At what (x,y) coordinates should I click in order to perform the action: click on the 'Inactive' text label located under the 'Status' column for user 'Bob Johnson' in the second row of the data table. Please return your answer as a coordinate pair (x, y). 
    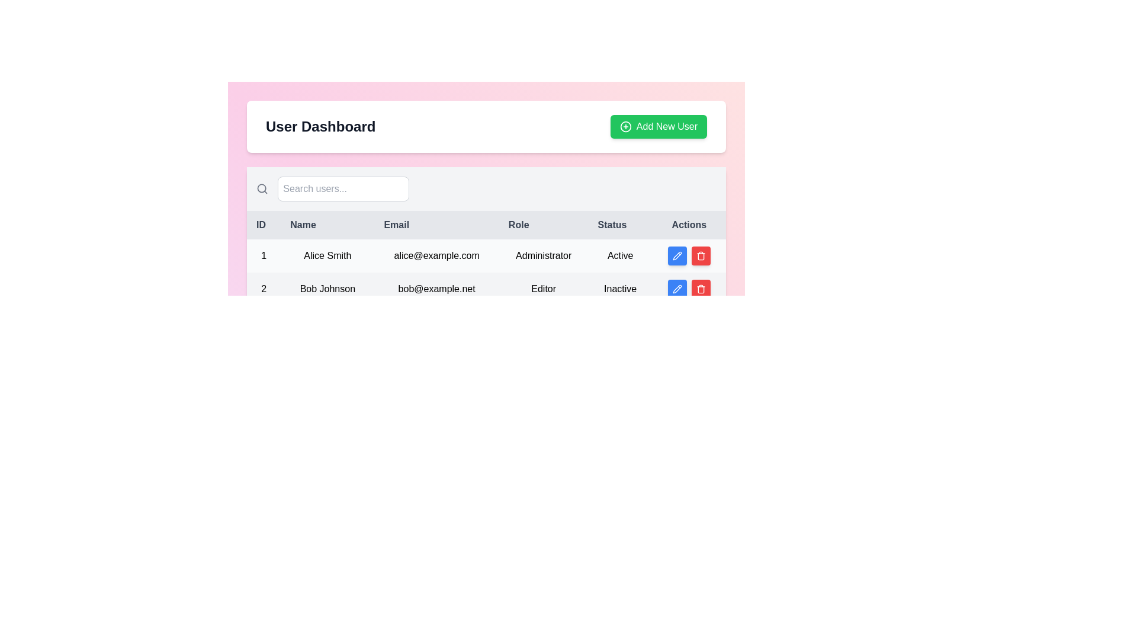
    Looking at the image, I should click on (619, 289).